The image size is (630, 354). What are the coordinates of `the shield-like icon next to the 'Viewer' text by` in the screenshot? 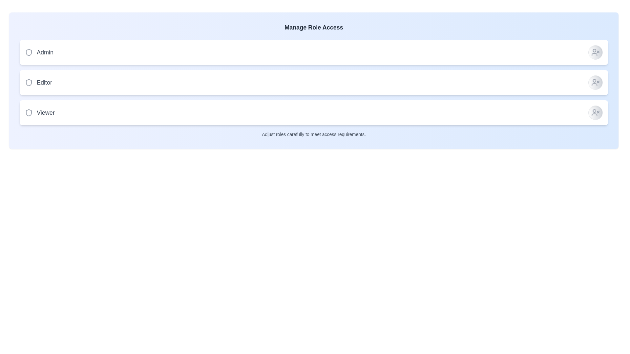 It's located at (28, 112).